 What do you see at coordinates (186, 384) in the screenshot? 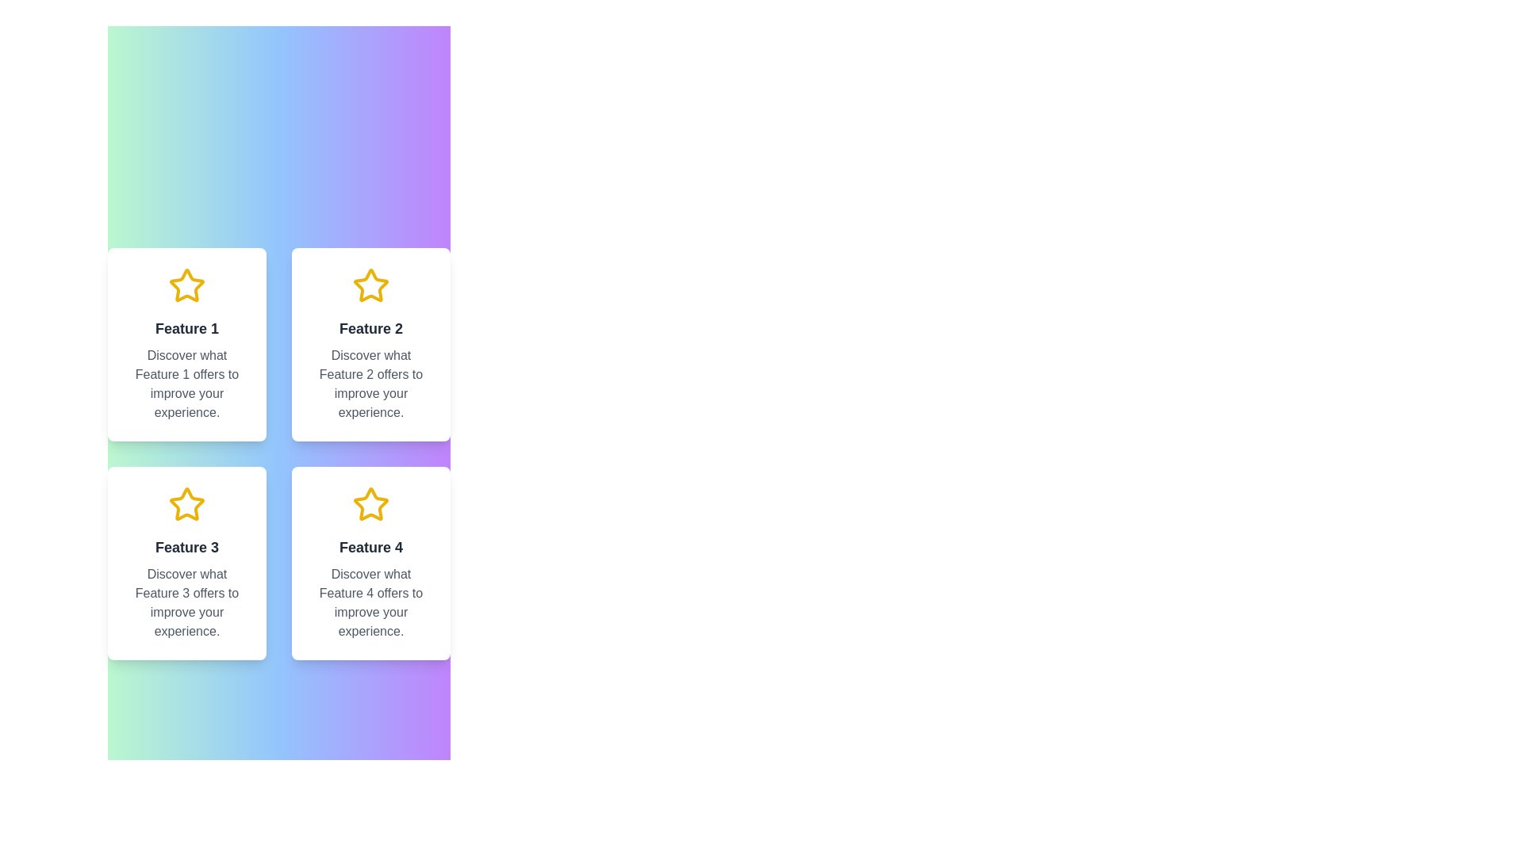
I see `text block that contains the content 'Discover what Feature 1 offers to improve your experience.' which is styled with a gray font color and centered alignment, located within the card labeled 'Feature 1'` at bounding box center [186, 384].